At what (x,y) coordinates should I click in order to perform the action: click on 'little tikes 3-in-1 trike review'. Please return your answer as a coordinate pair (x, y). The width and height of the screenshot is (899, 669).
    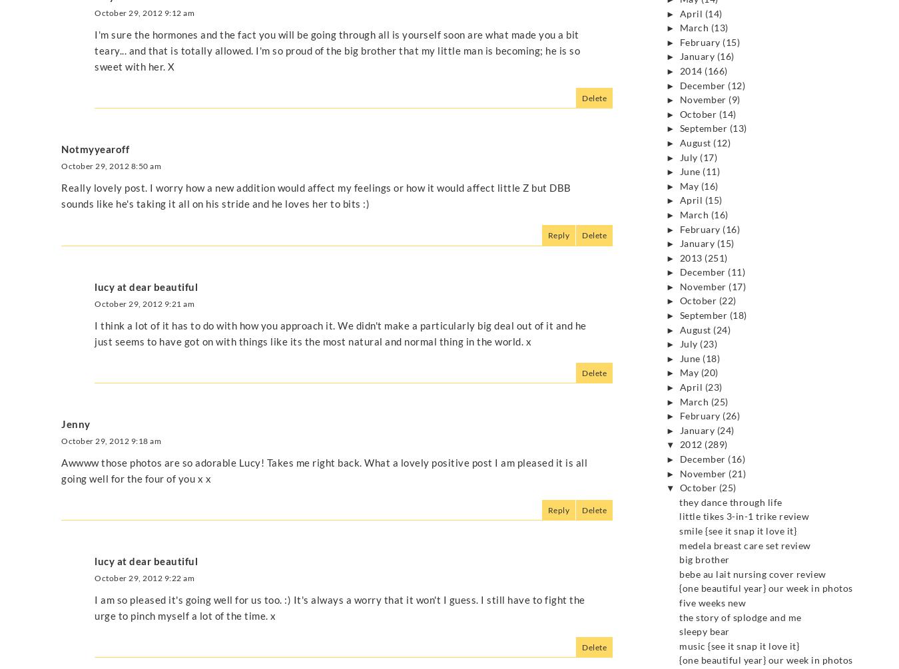
    Looking at the image, I should click on (744, 516).